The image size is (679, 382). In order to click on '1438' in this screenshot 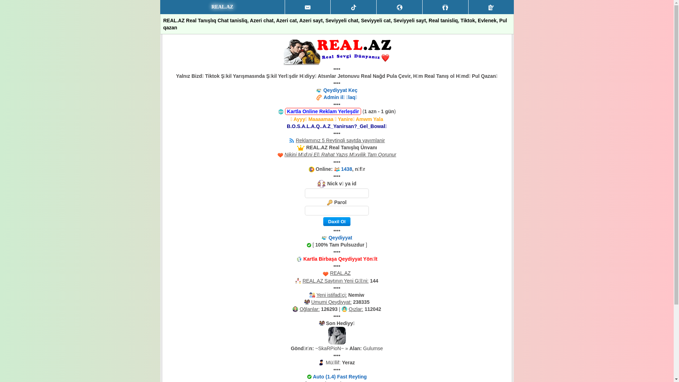, I will do `click(347, 169)`.